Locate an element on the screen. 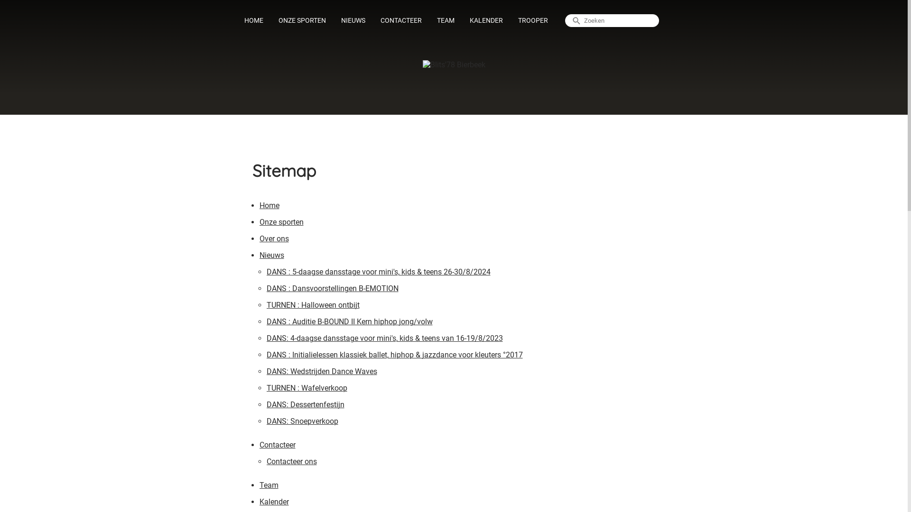 The width and height of the screenshot is (911, 512). 'Nieuws' is located at coordinates (270, 256).